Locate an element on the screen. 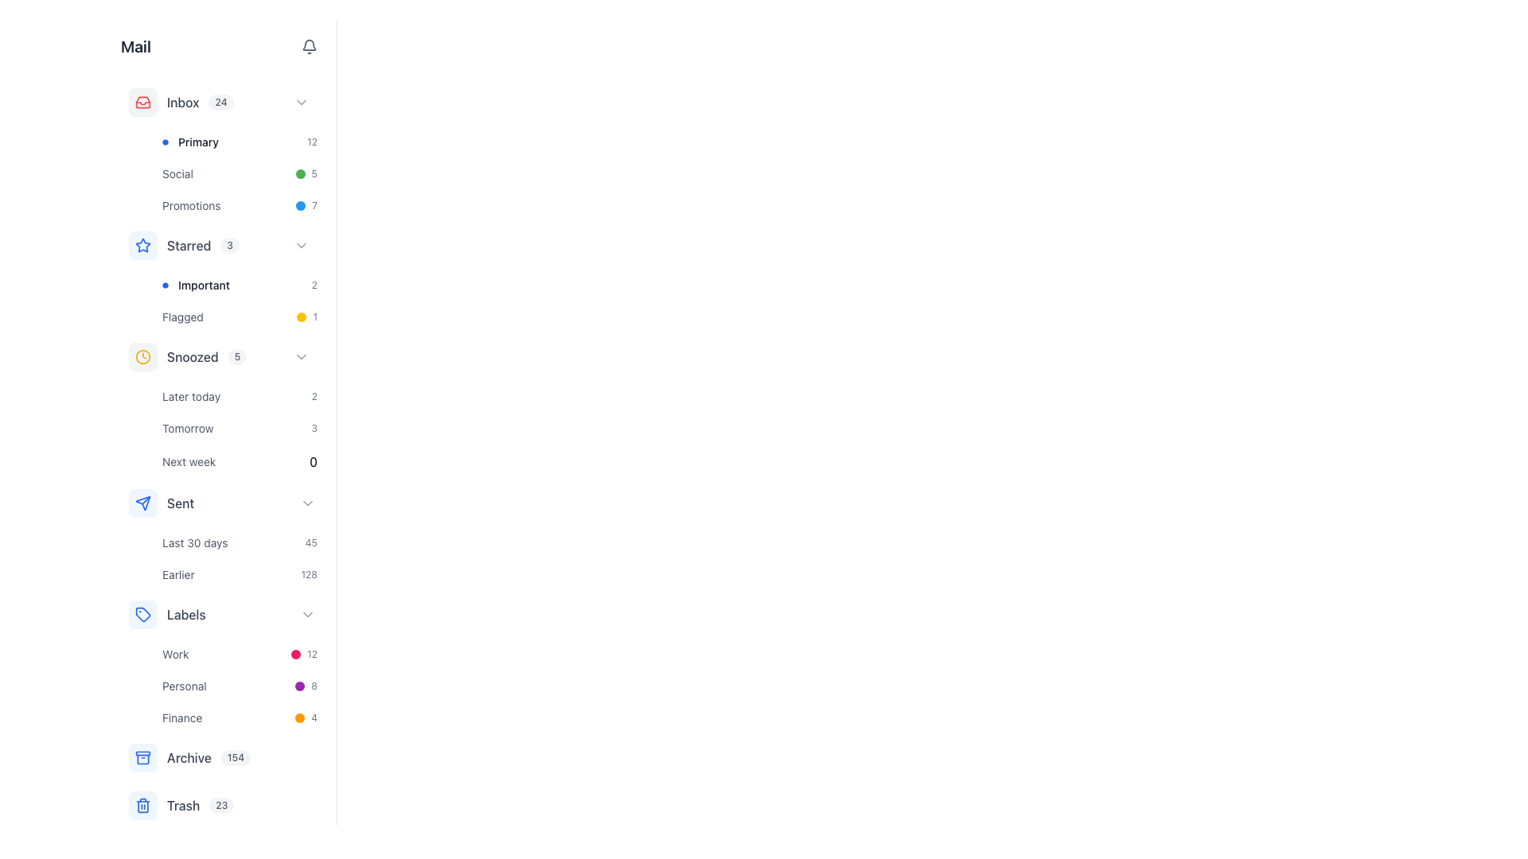 Image resolution: width=1528 pixels, height=859 pixels. the circular blue icon with the number 7 in gray text, which is part of the 'Promotions' section in the sidebar menu is located at coordinates (306, 204).